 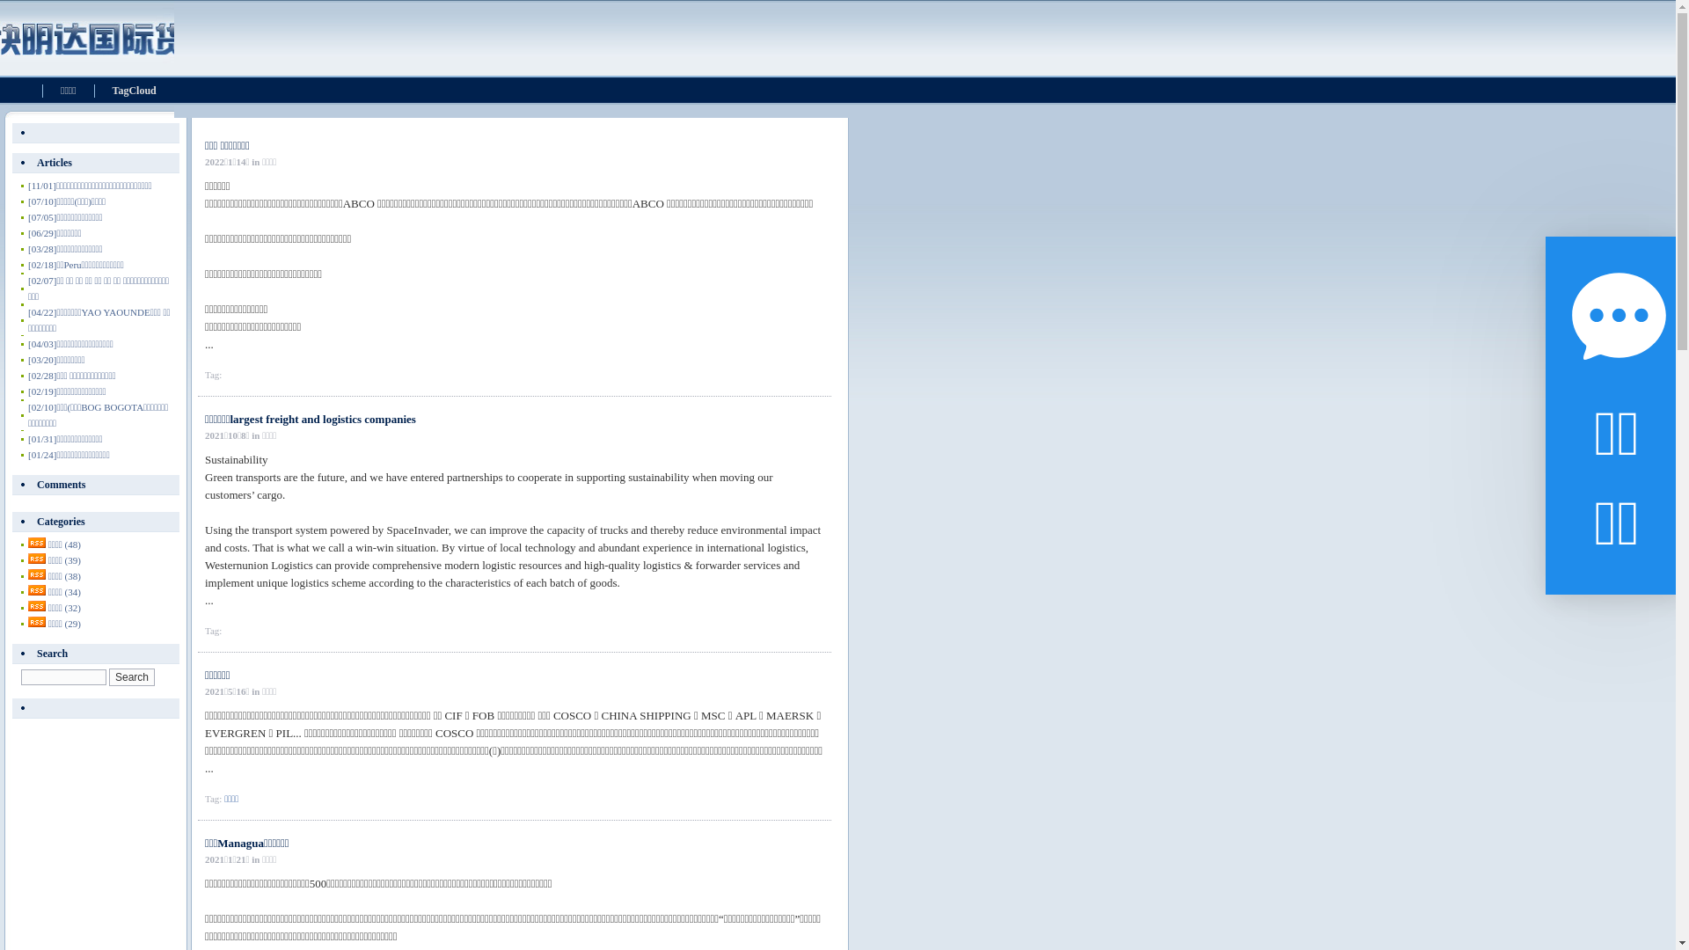 What do you see at coordinates (37, 605) in the screenshot?
I see `'rss'` at bounding box center [37, 605].